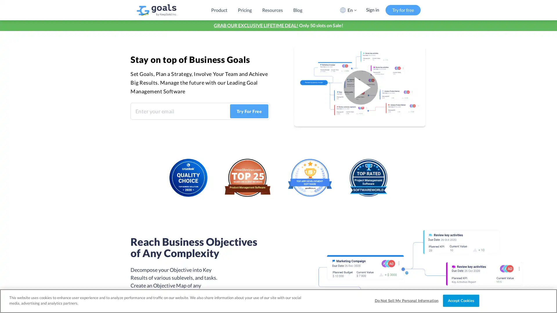 This screenshot has height=313, width=557. What do you see at coordinates (249, 111) in the screenshot?
I see `Try For Free` at bounding box center [249, 111].